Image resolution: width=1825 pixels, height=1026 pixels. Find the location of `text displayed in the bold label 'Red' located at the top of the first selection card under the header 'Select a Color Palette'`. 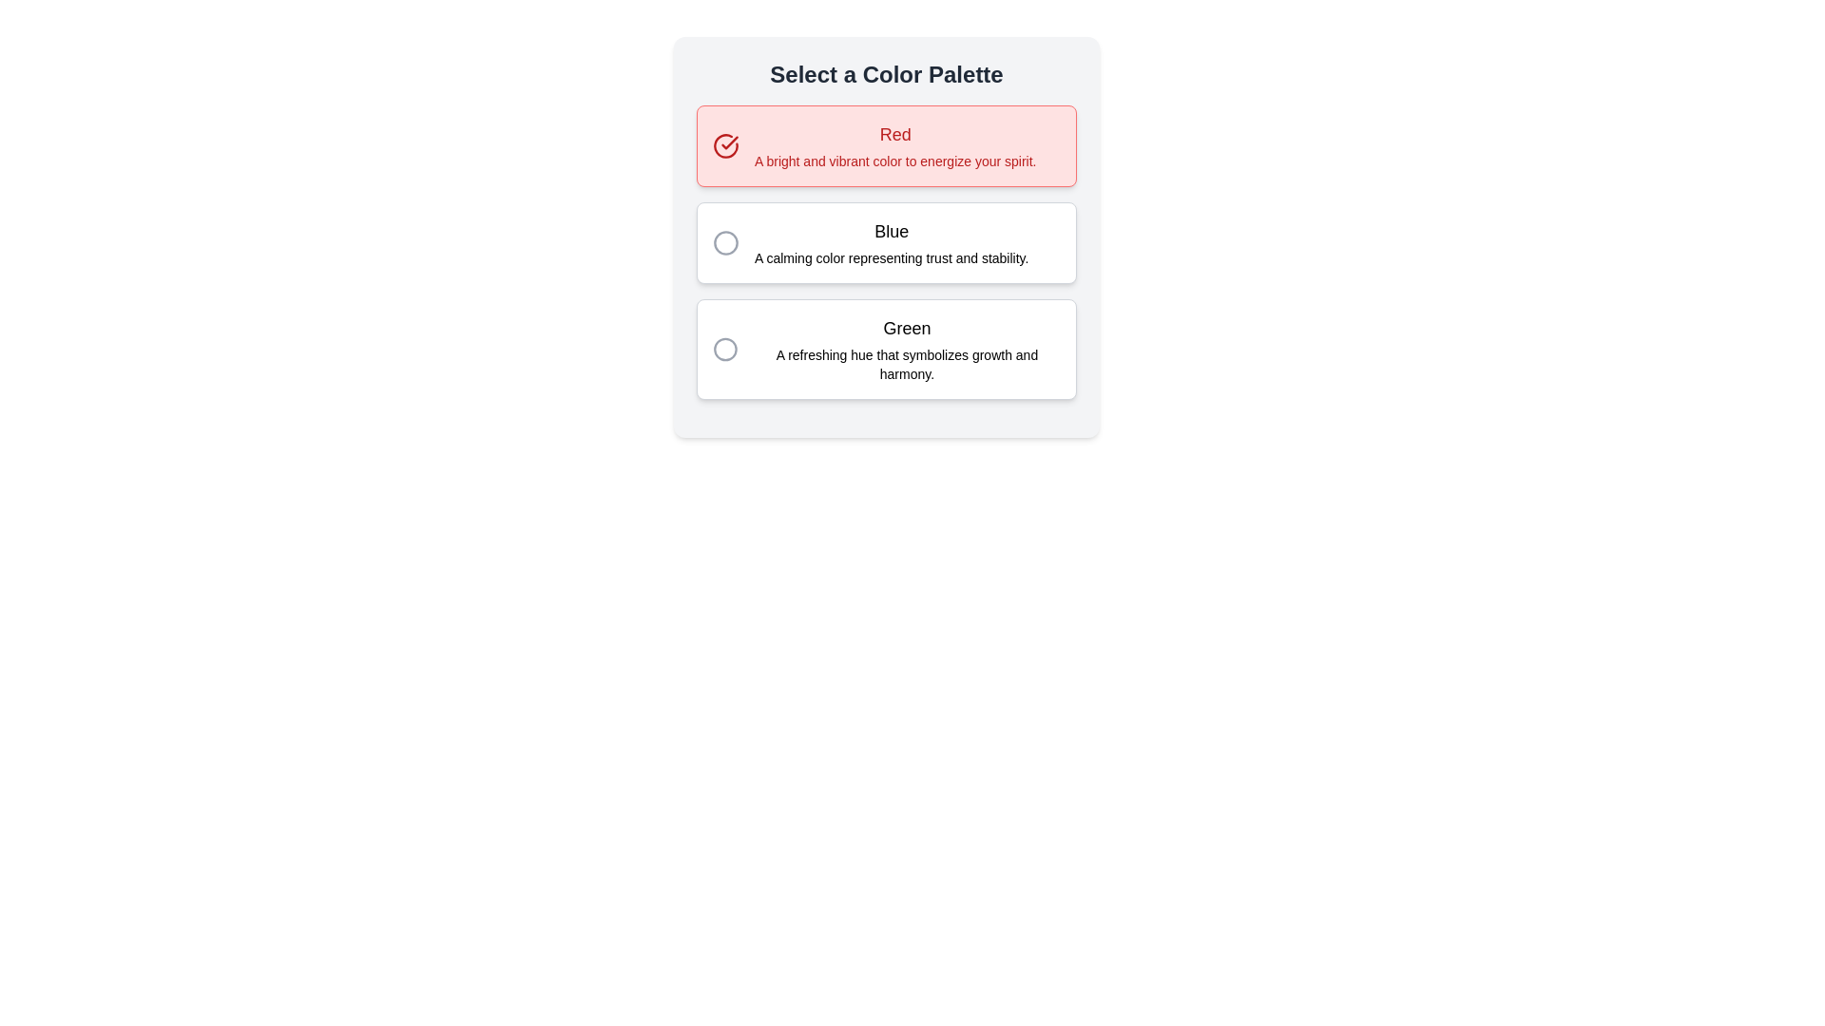

text displayed in the bold label 'Red' located at the top of the first selection card under the header 'Select a Color Palette' is located at coordinates (894, 134).